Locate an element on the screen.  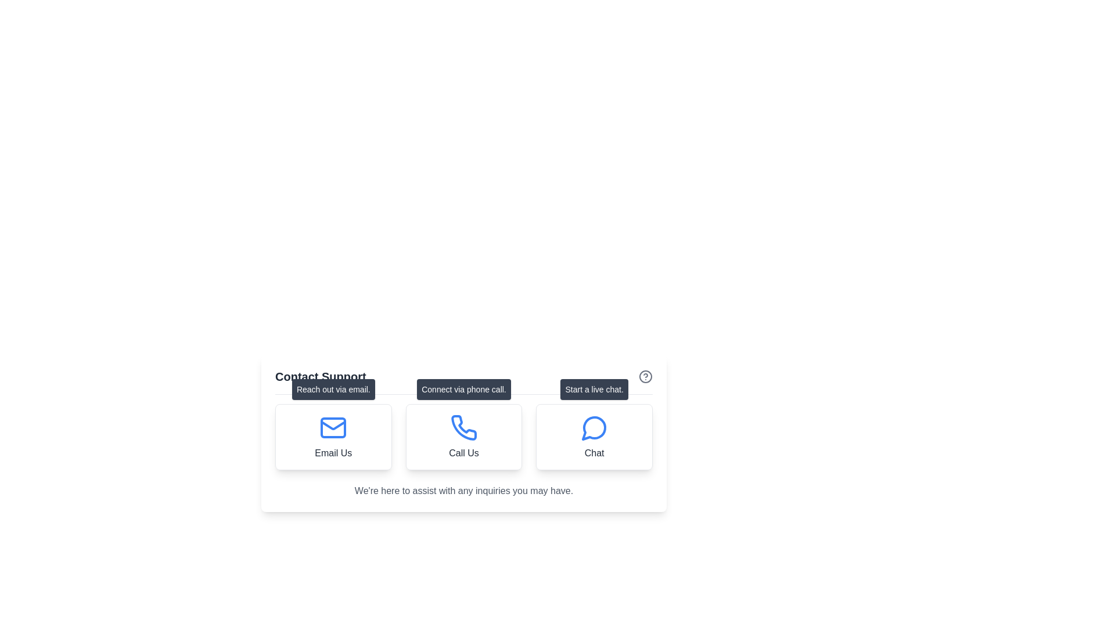
the circular shape element that is part of the circle-question-mark icon located in the top-right corner of the support widget interface is located at coordinates (645, 376).